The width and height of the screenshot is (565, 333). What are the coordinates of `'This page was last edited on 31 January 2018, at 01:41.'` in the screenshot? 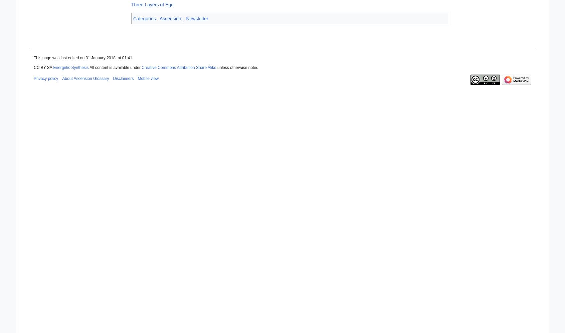 It's located at (83, 58).